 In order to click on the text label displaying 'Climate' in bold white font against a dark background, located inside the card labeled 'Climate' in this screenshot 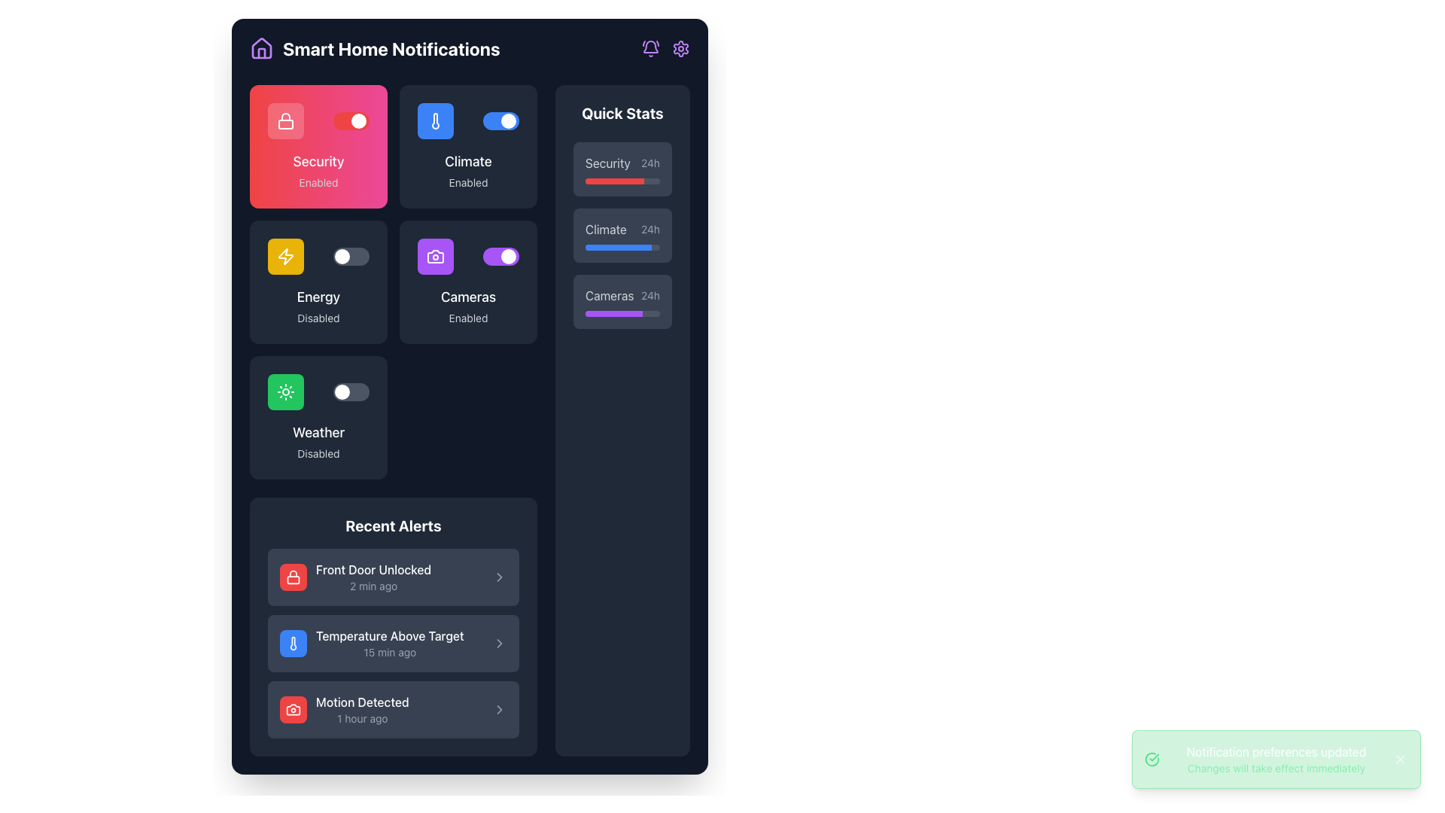, I will do `click(467, 162)`.